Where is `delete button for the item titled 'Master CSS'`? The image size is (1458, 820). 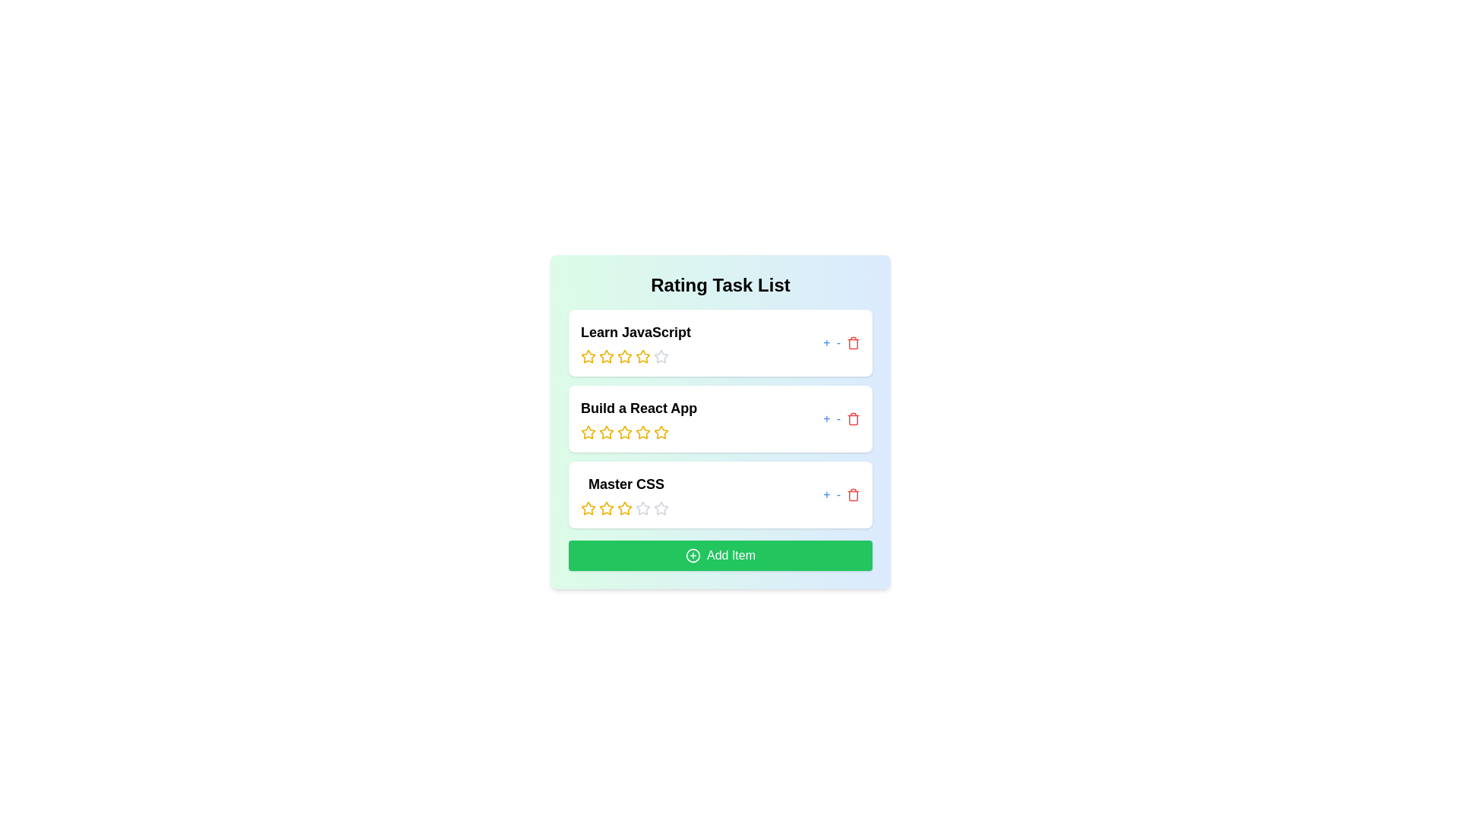 delete button for the item titled 'Master CSS' is located at coordinates (853, 494).